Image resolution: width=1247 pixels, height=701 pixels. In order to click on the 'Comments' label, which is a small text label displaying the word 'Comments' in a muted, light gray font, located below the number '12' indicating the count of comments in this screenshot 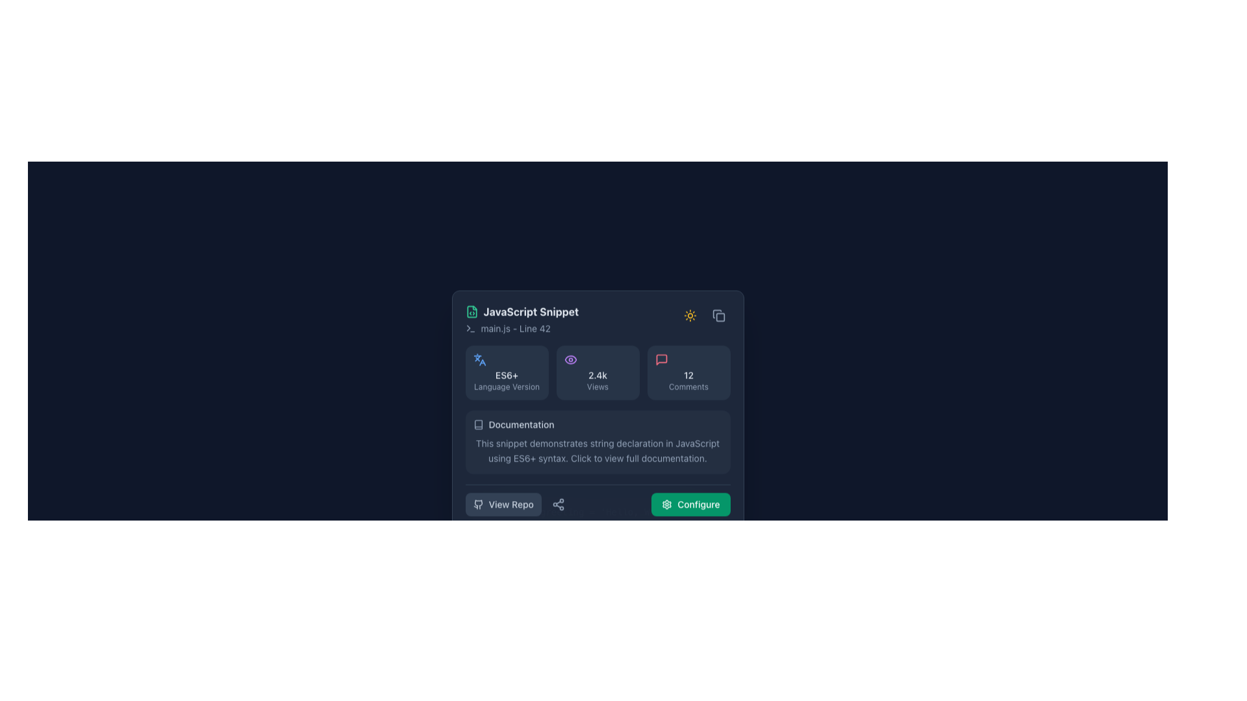, I will do `click(688, 386)`.